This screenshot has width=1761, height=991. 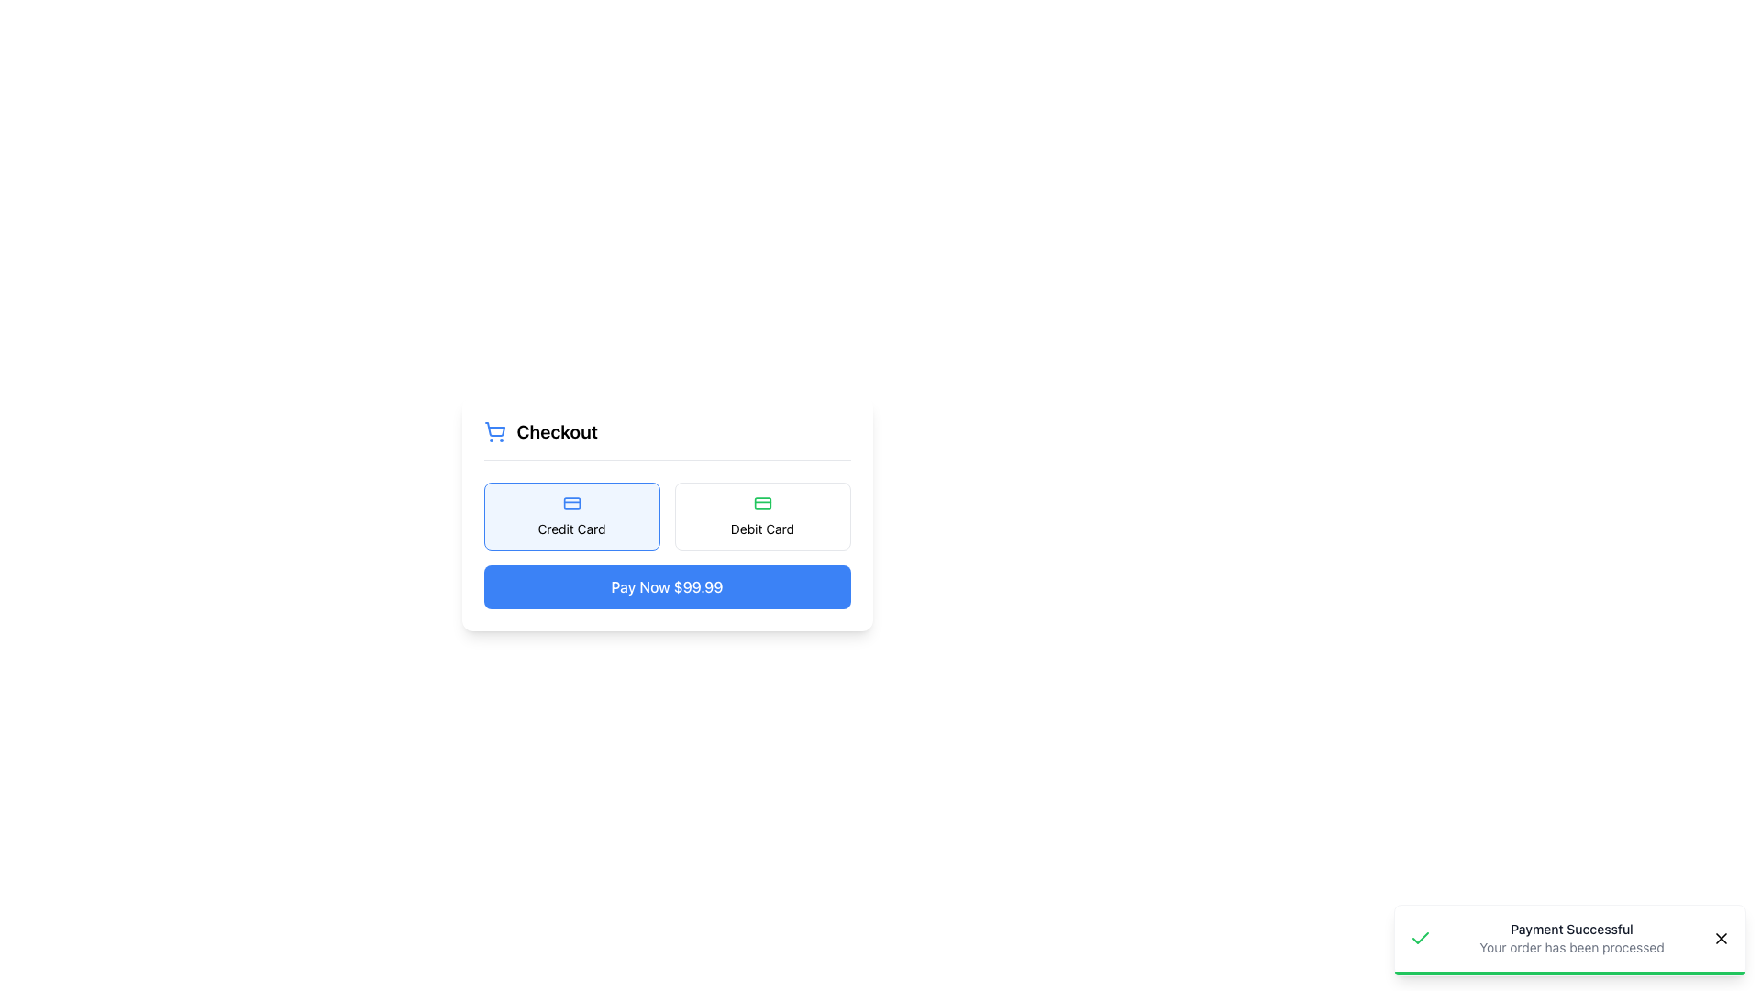 I want to click on the upper rectangular part of the stylized credit card illustration located on the left side of the 'Credit Card' button in the payment method selection section, so click(x=570, y=503).